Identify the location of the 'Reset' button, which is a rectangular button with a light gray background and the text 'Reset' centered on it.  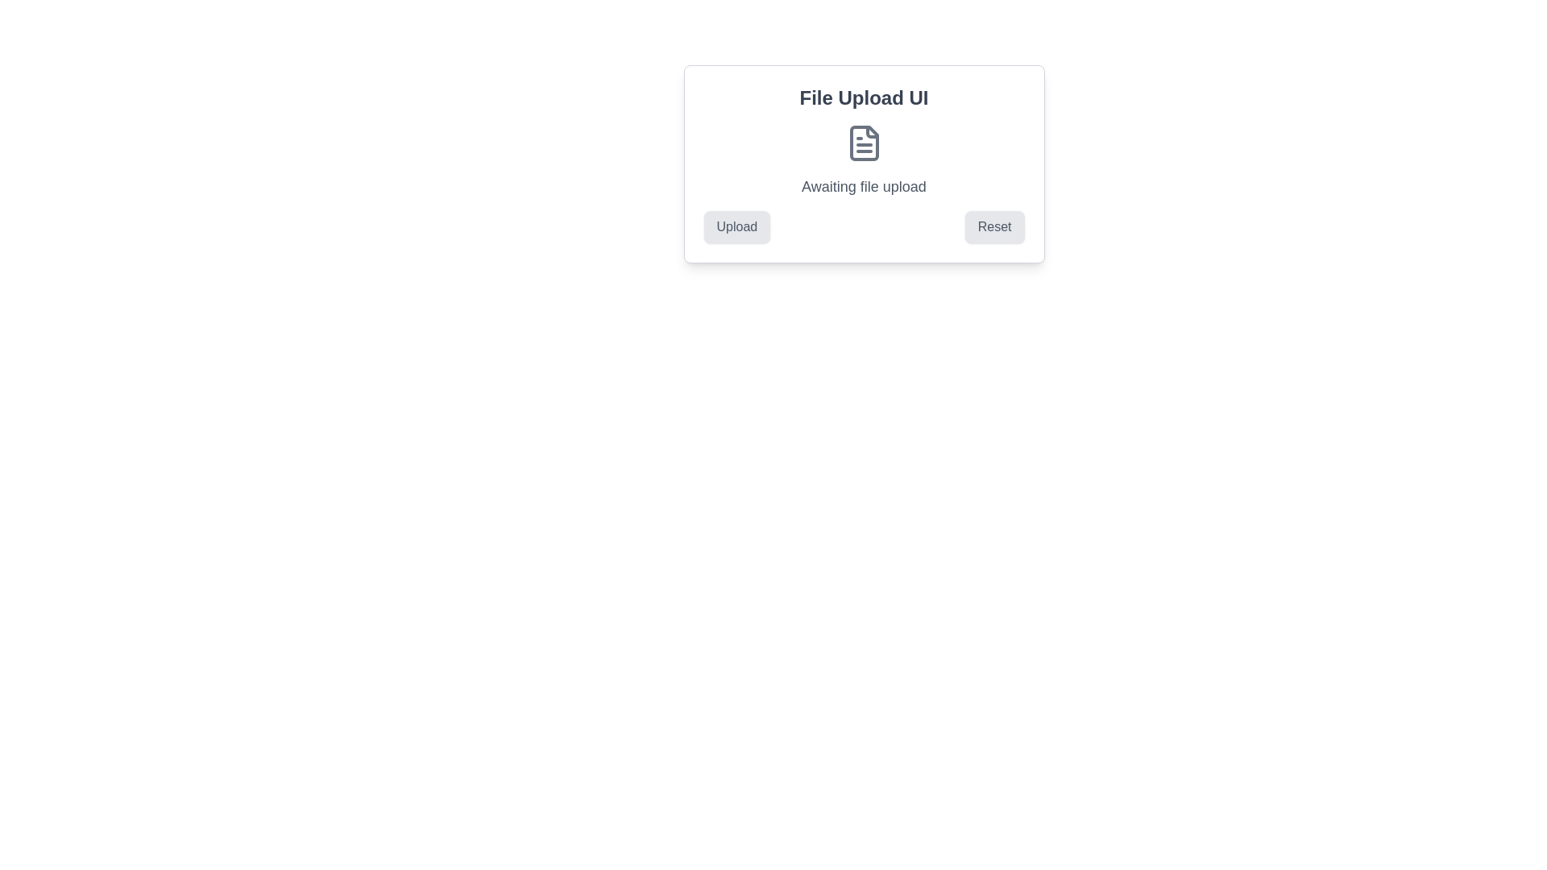
(993, 226).